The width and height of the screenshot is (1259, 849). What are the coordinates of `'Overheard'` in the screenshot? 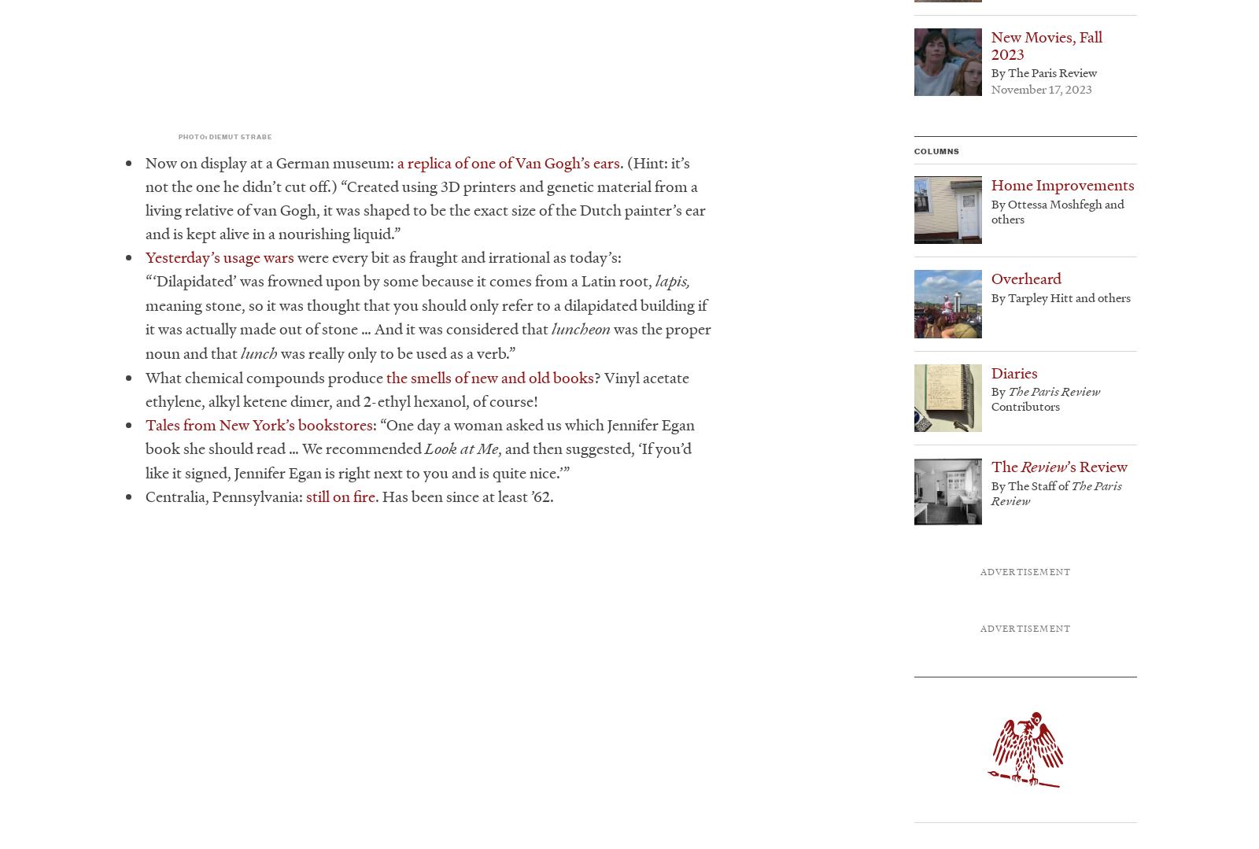 It's located at (991, 279).